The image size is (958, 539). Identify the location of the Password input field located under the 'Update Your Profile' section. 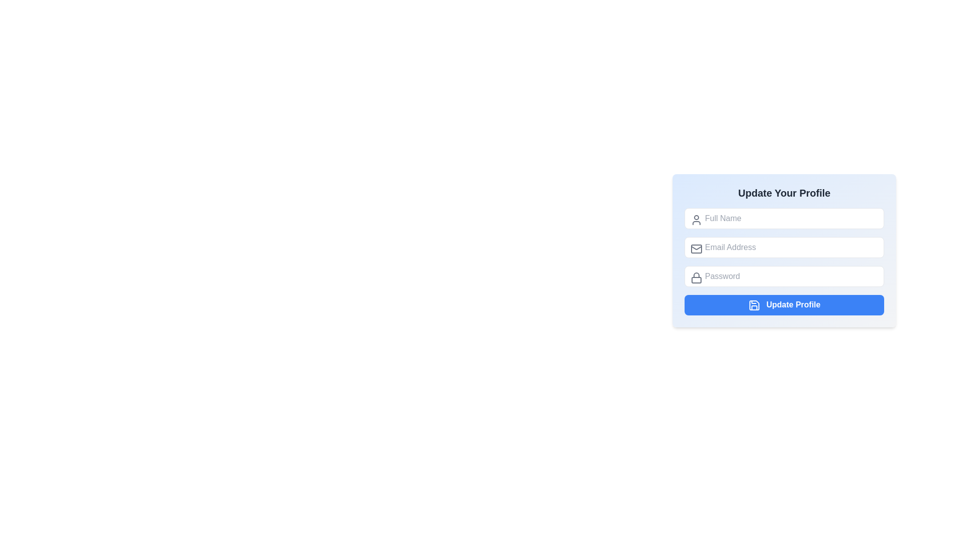
(783, 276).